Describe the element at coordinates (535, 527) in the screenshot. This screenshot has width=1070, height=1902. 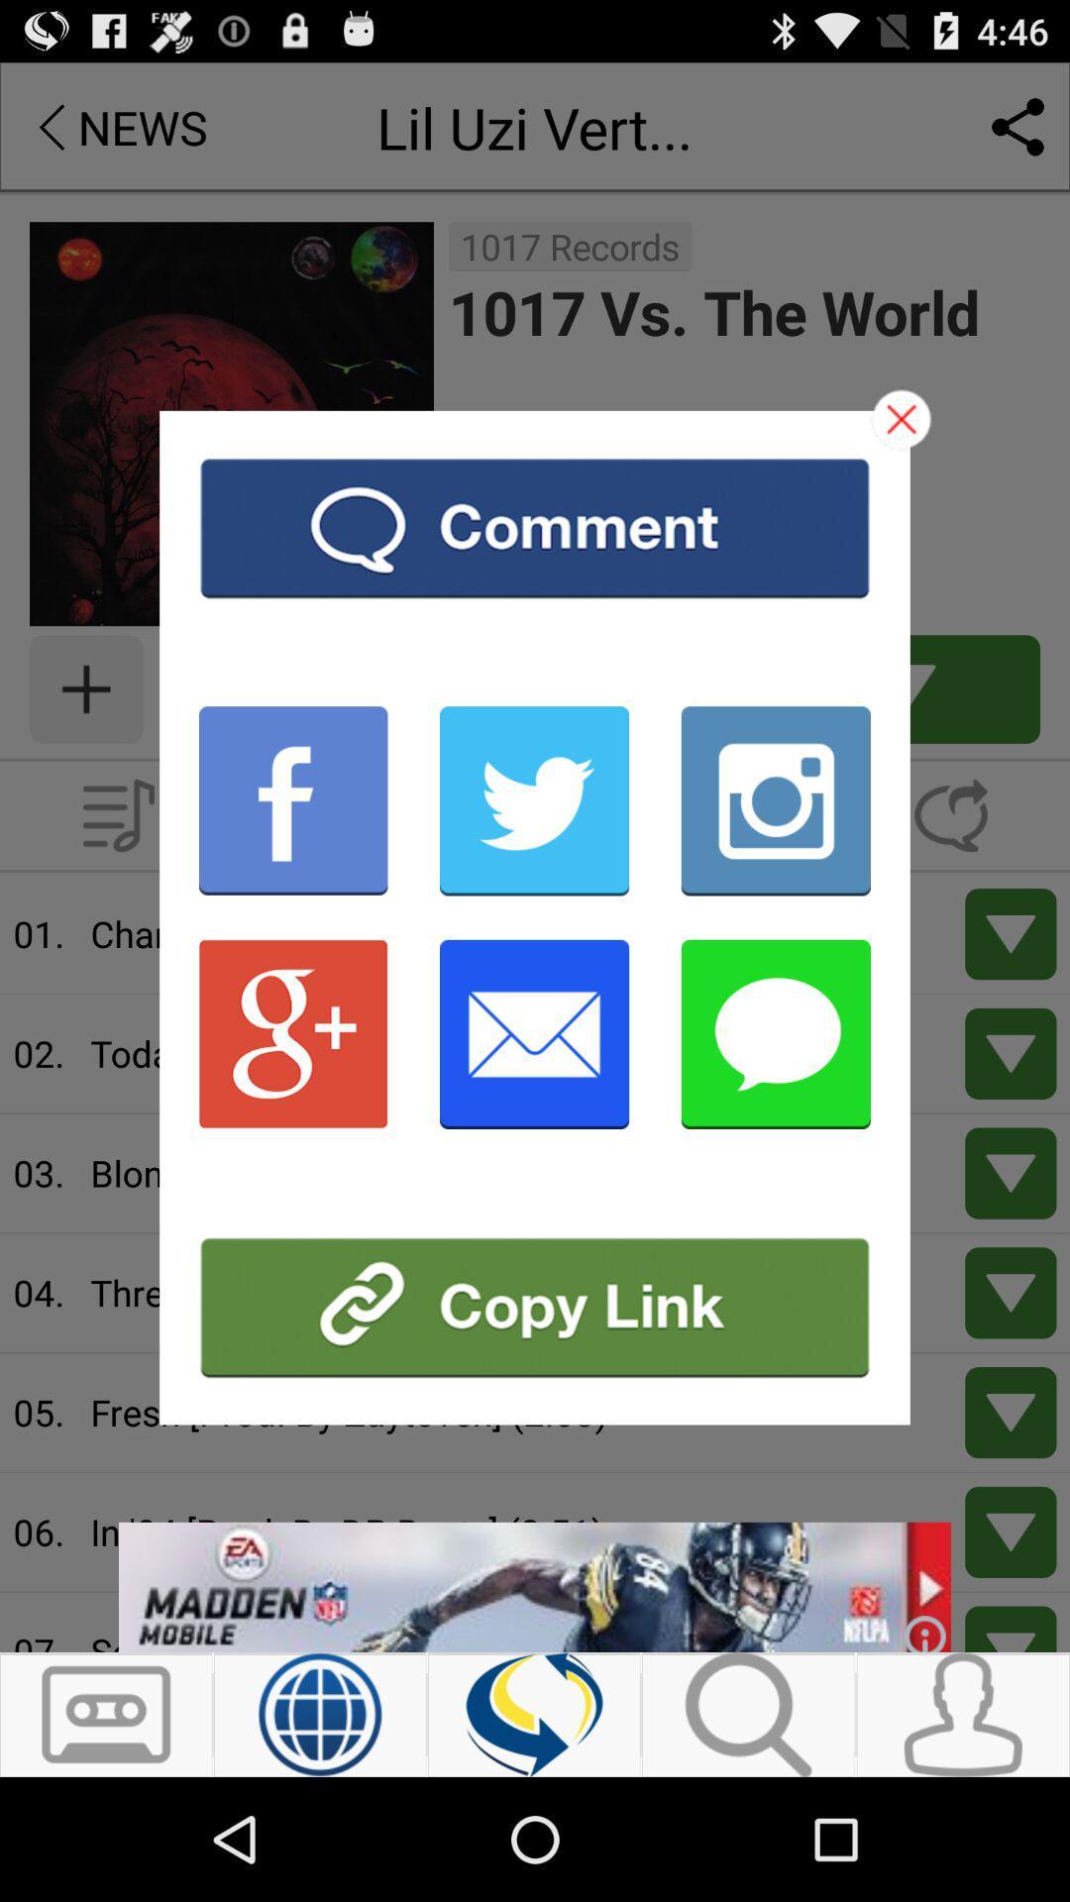
I see `facebook to comment` at that location.